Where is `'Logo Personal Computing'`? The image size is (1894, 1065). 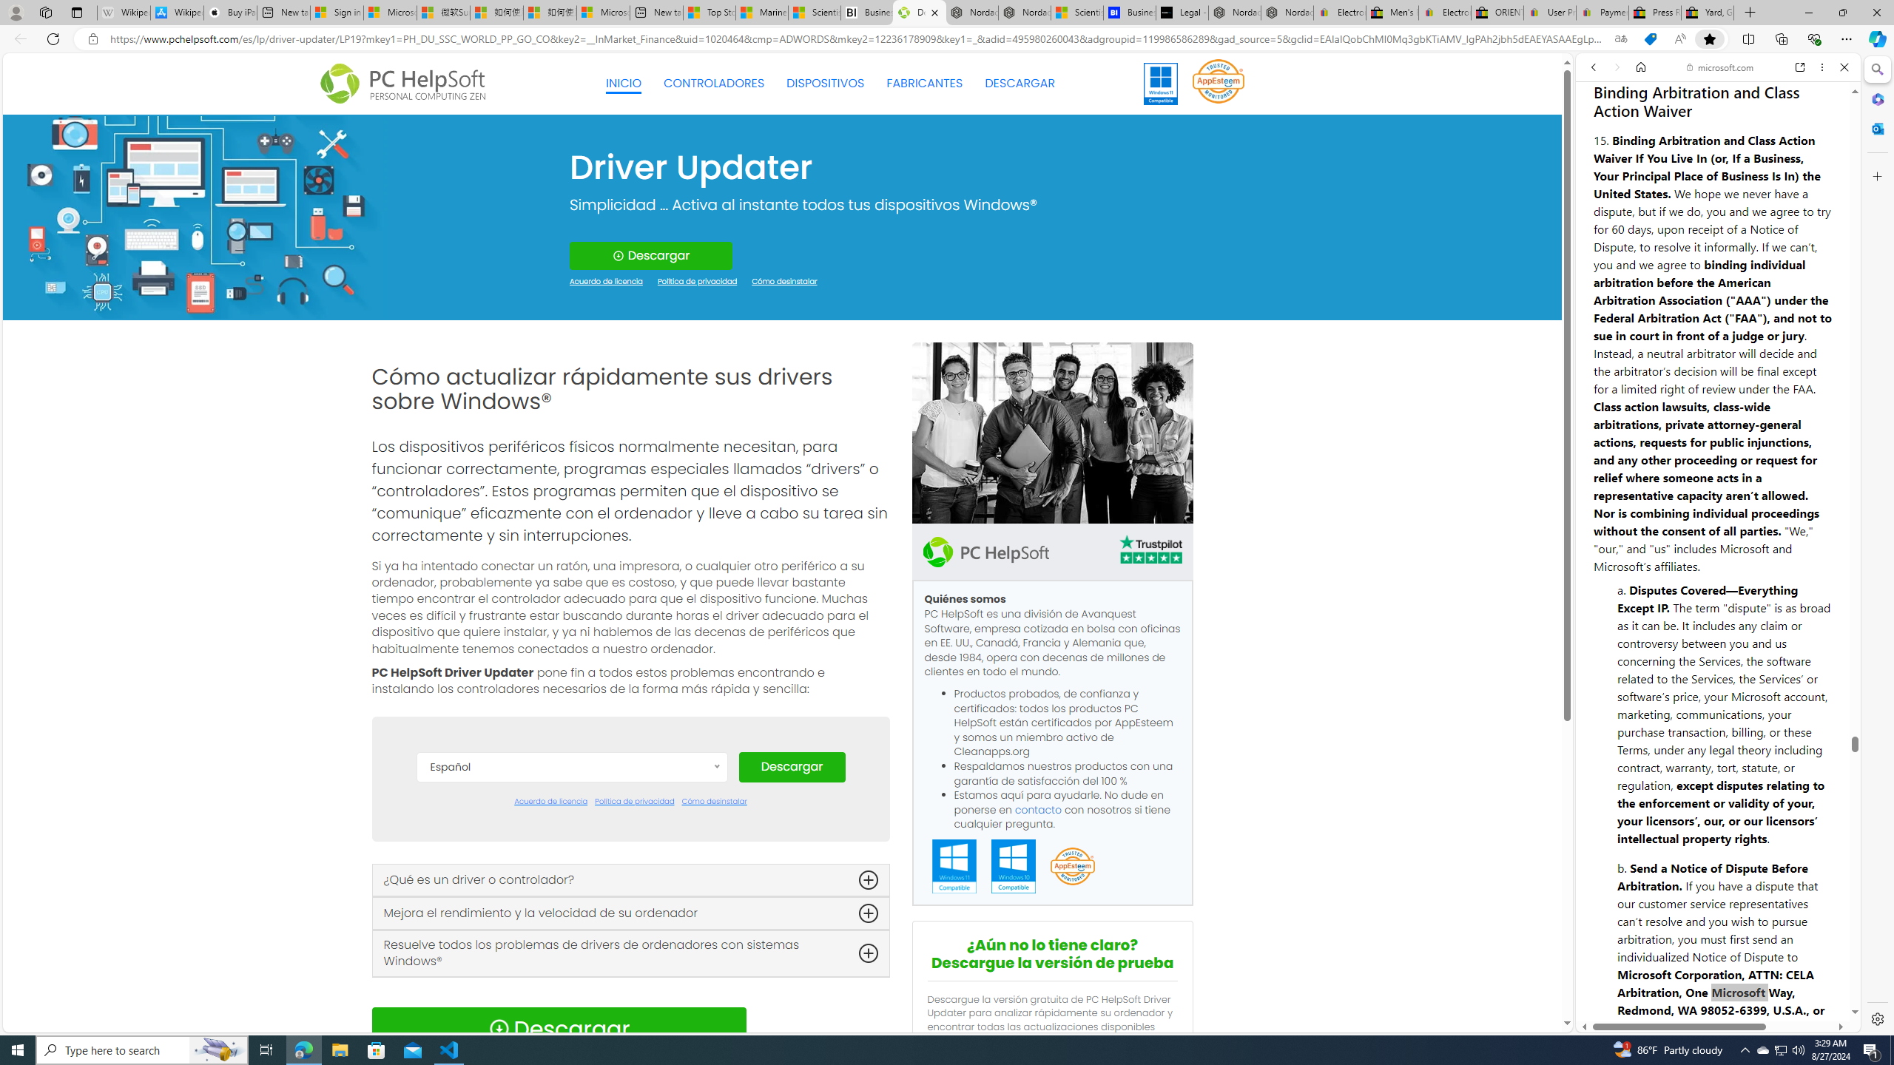
'Logo Personal Computing' is located at coordinates (407, 83).